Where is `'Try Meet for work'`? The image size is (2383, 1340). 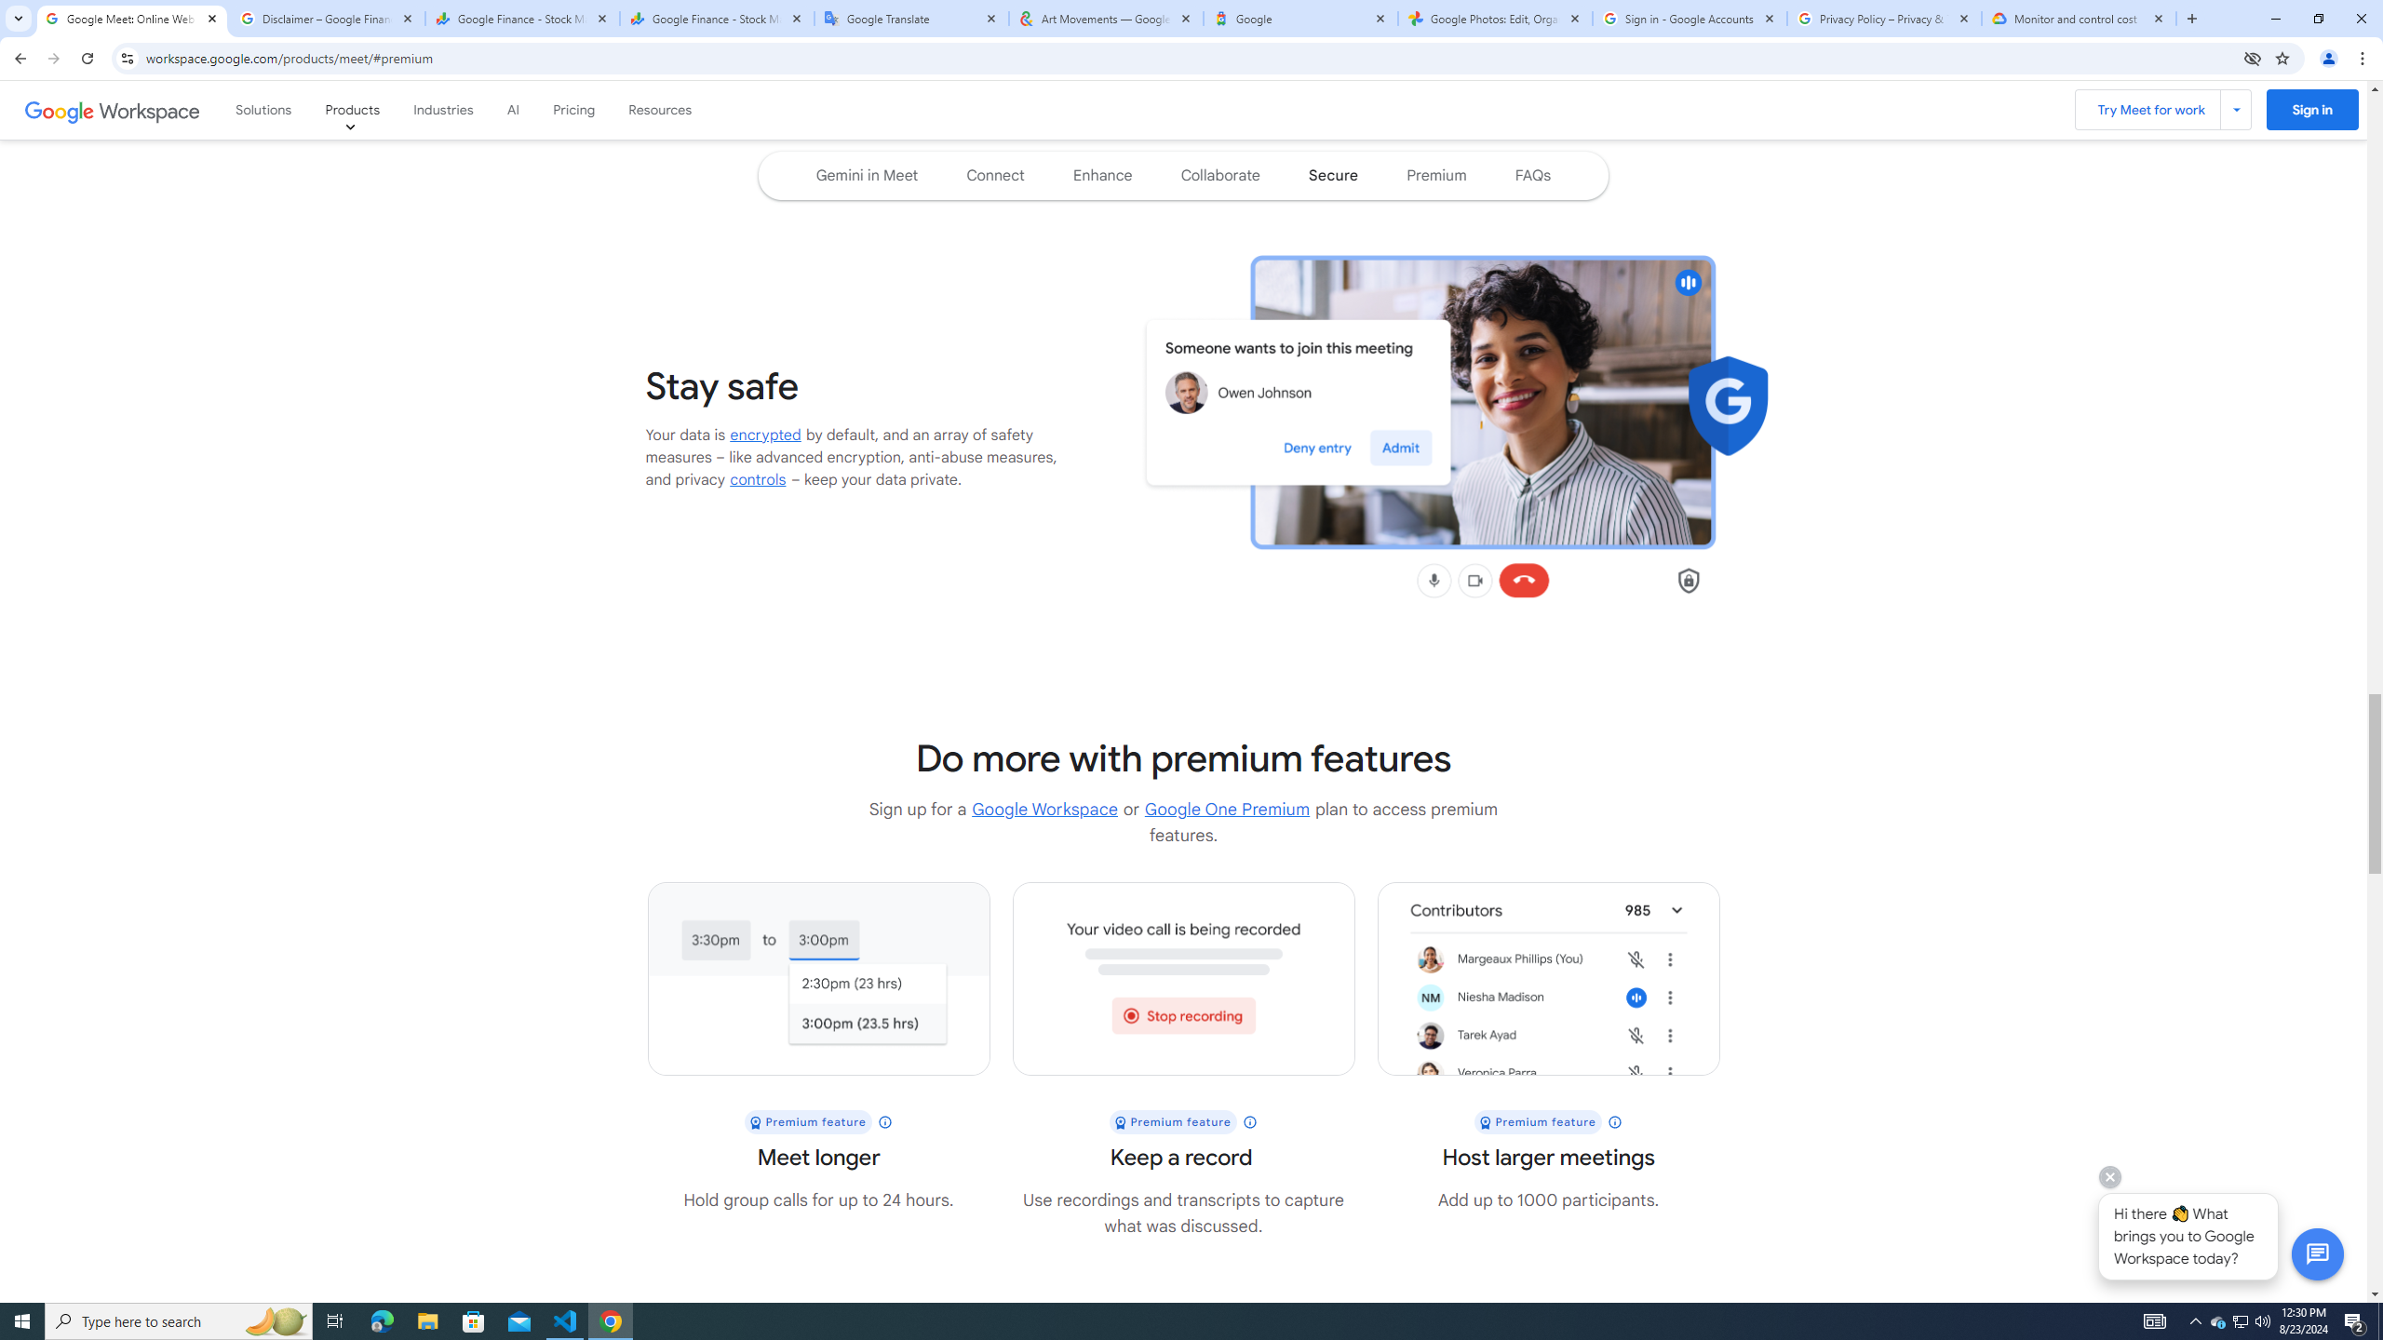
'Try Meet for work' is located at coordinates (2162, 110).